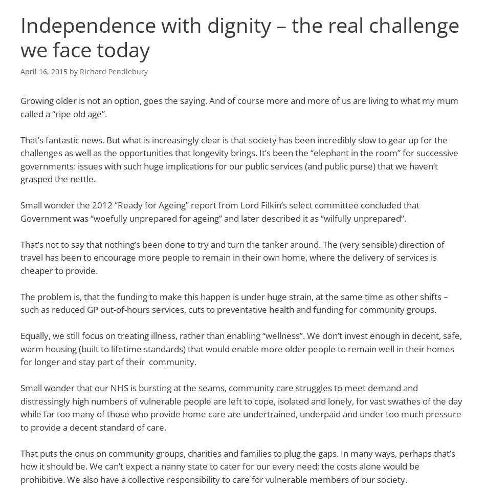  Describe the element at coordinates (240, 407) in the screenshot. I see `'Small wonder that our NHS is bursting at the seams, community care struggles to meet demand and distressingly high numbers of vulnerable people are left to cope, isolated and lonely, for vast swathes of the day while far too many of those who provide home care are undertrained, underpaid and under too much pressure to provide a decent standard of care.'` at that location.